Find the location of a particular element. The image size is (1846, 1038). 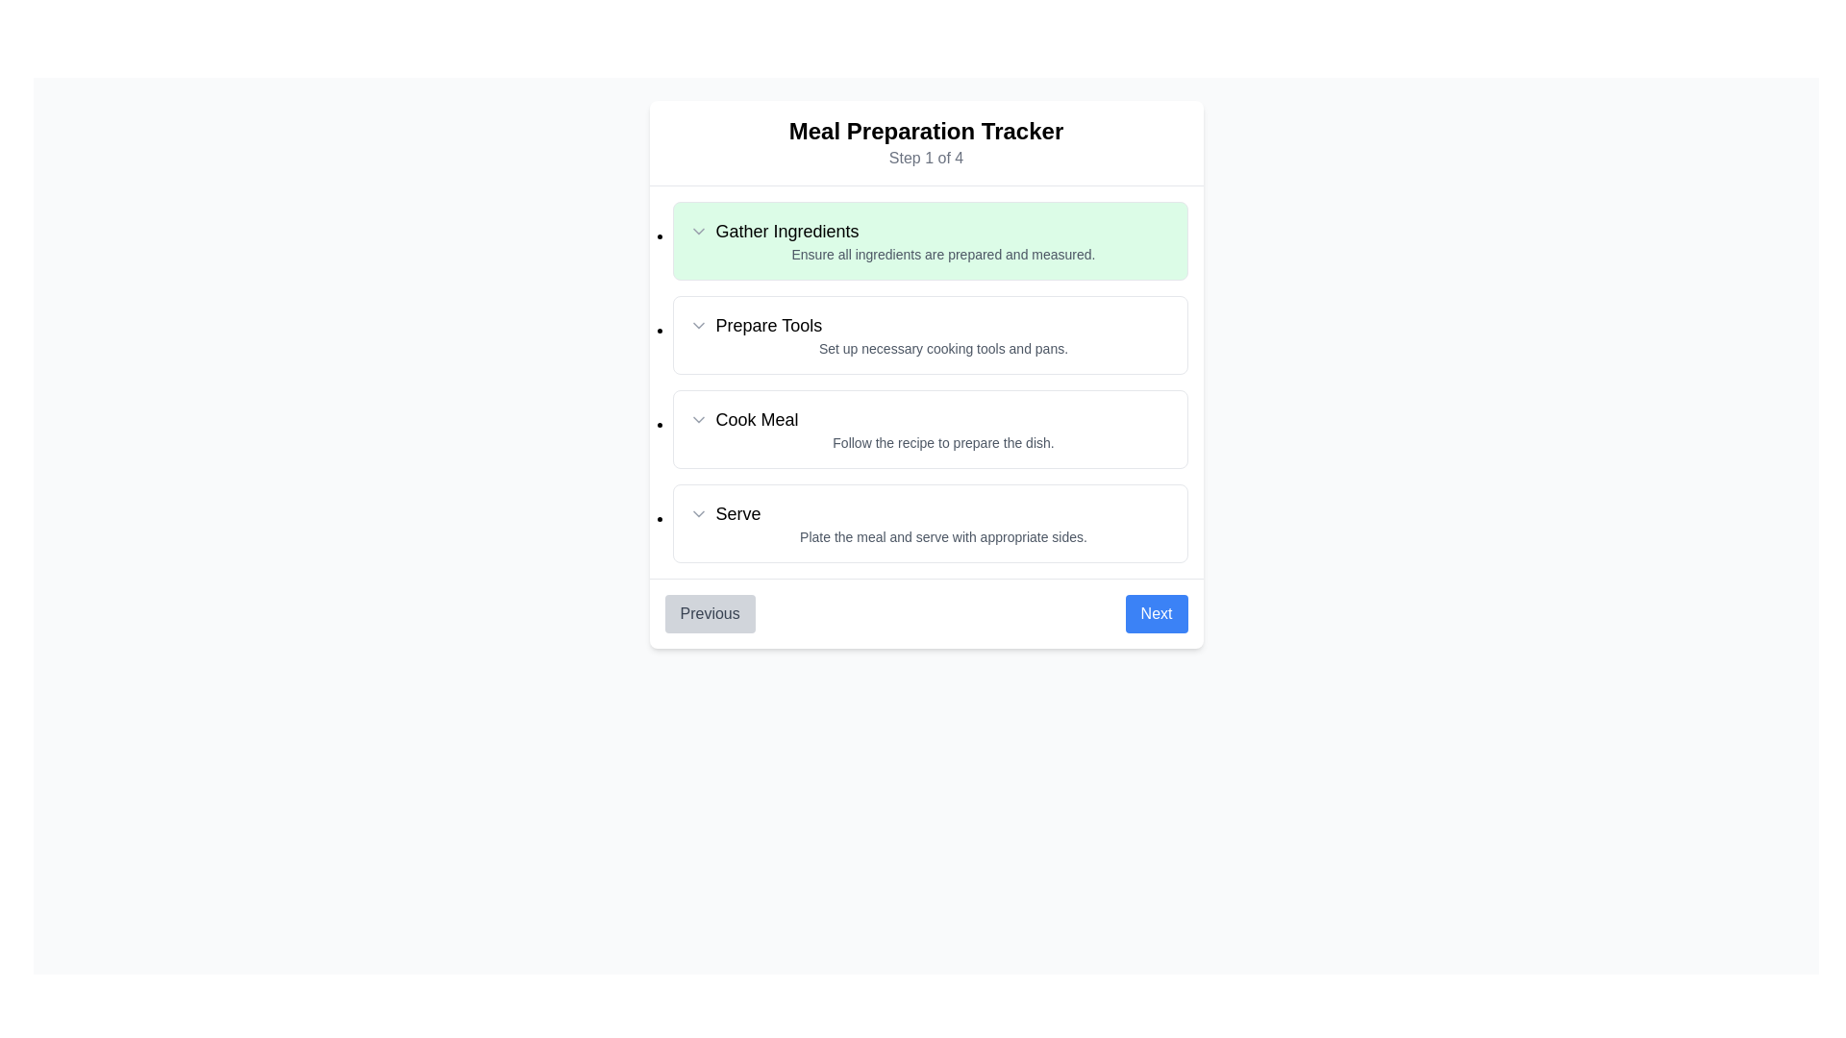

the downward arrow icon, which is a gray triangular shape located to the immediate left of the 'Serve' text in the last row of the step descriptions is located at coordinates (697, 513).